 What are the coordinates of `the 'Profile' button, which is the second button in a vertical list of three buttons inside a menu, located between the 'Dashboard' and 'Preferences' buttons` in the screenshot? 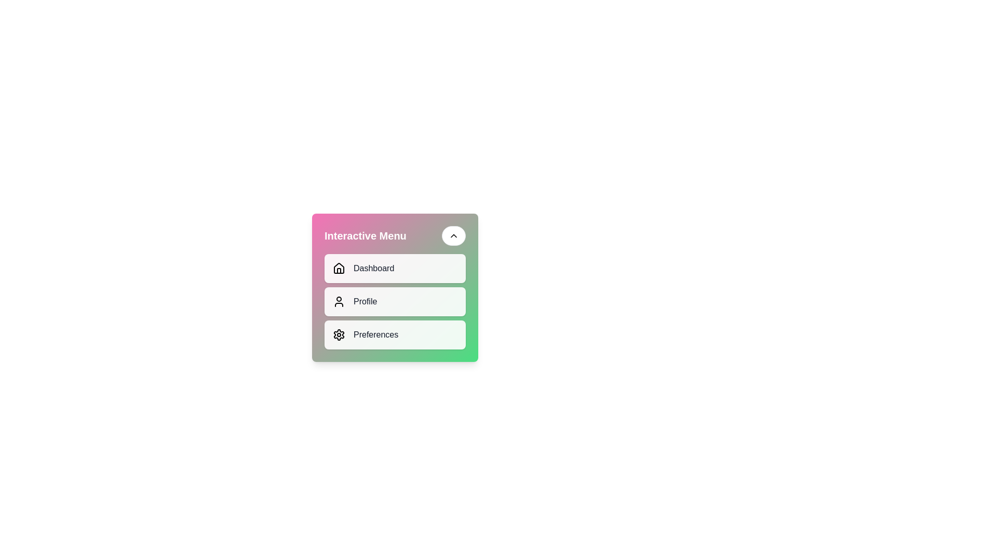 It's located at (395, 288).